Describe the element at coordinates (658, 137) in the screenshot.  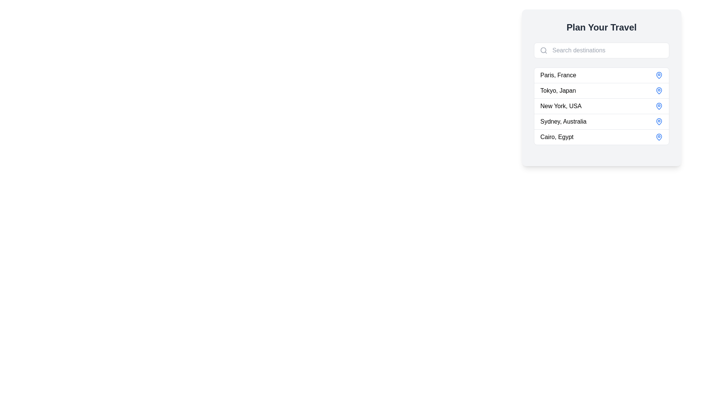
I see `the geographical location icon indicating 'Cairo, Egypt', which is located at the right end of the fifth row in the travel planning interface` at that location.